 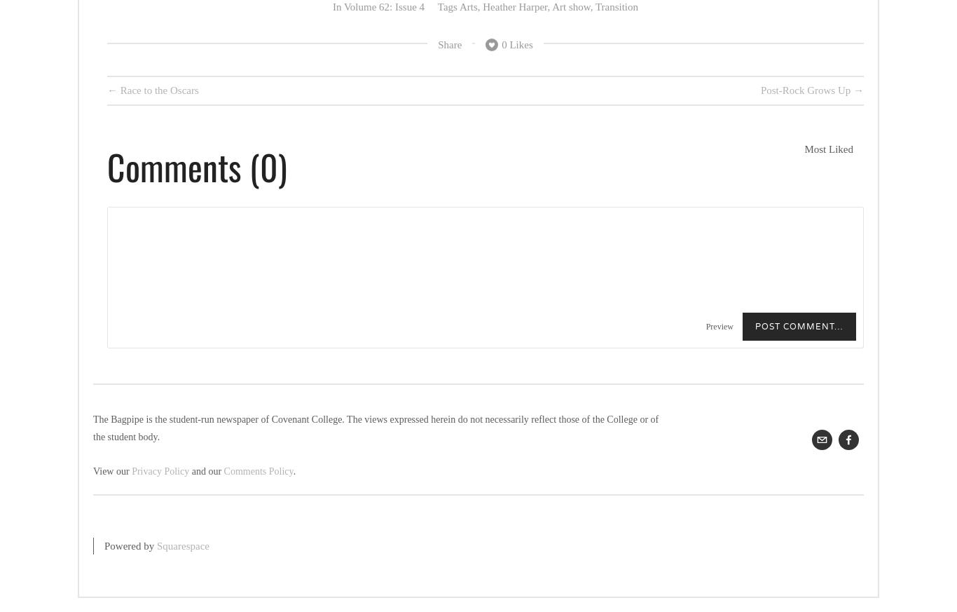 I want to click on 'Squarespace', so click(x=183, y=545).